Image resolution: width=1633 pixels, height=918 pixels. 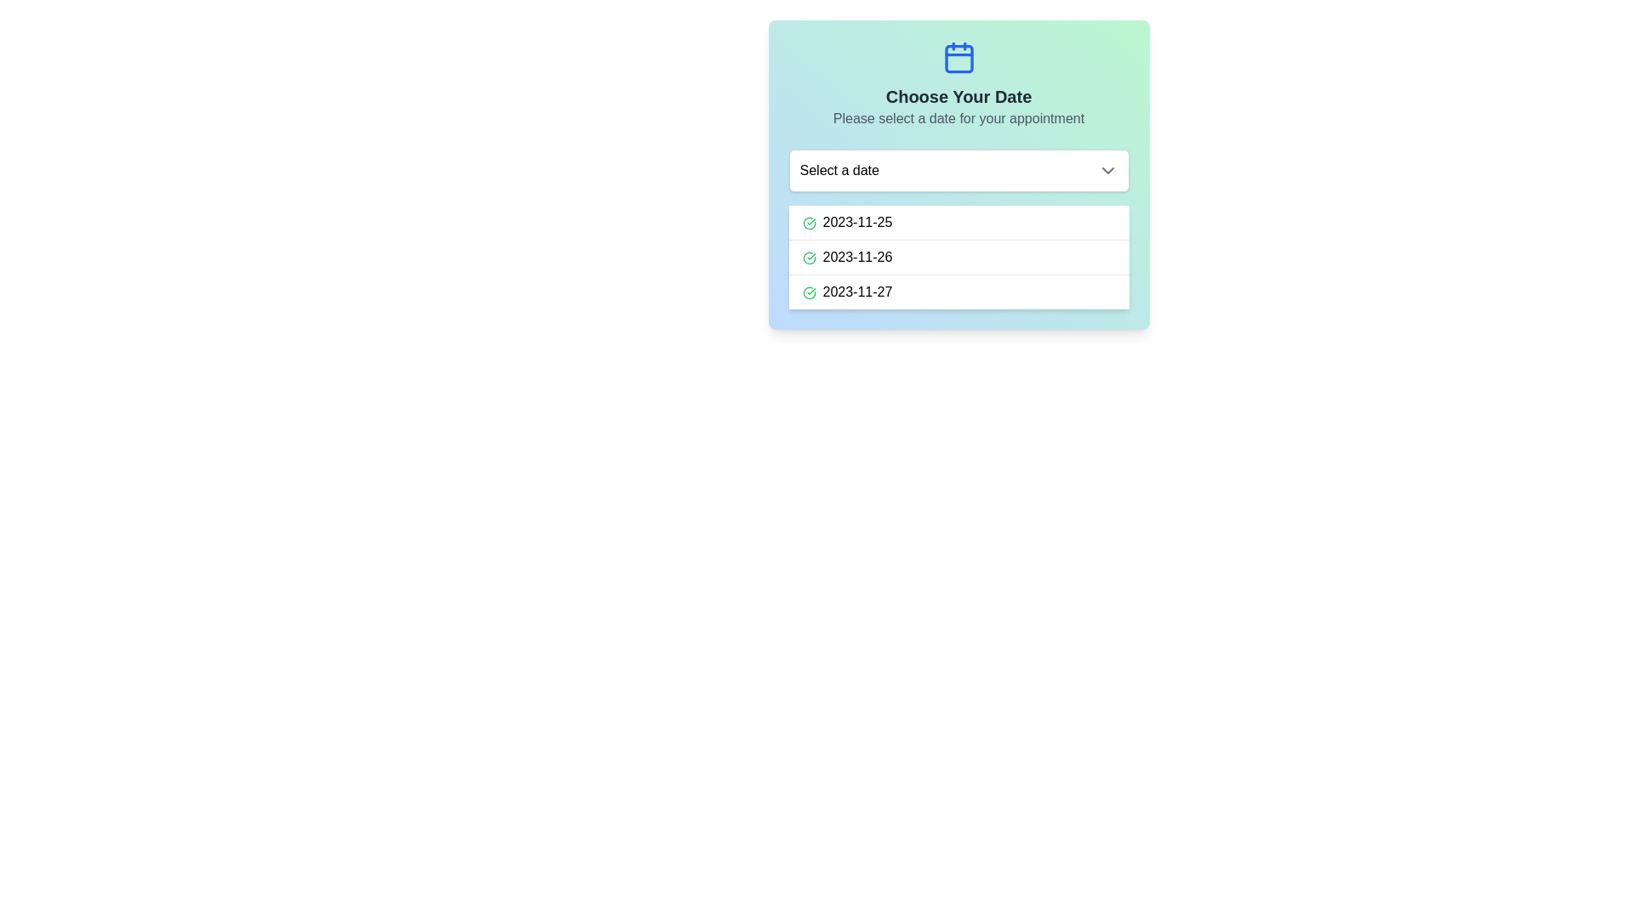 I want to click on the list item displaying the date '2023-11-25', so click(x=959, y=222).